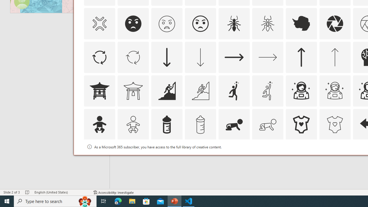 The height and width of the screenshot is (207, 368). What do you see at coordinates (267, 124) in the screenshot?
I see `'AutomationID: Icons_BabyCrawling_M'` at bounding box center [267, 124].